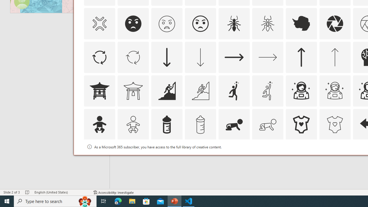 The height and width of the screenshot is (207, 368). What do you see at coordinates (267, 124) in the screenshot?
I see `'AutomationID: Icons_BabyCrawling_M'` at bounding box center [267, 124].